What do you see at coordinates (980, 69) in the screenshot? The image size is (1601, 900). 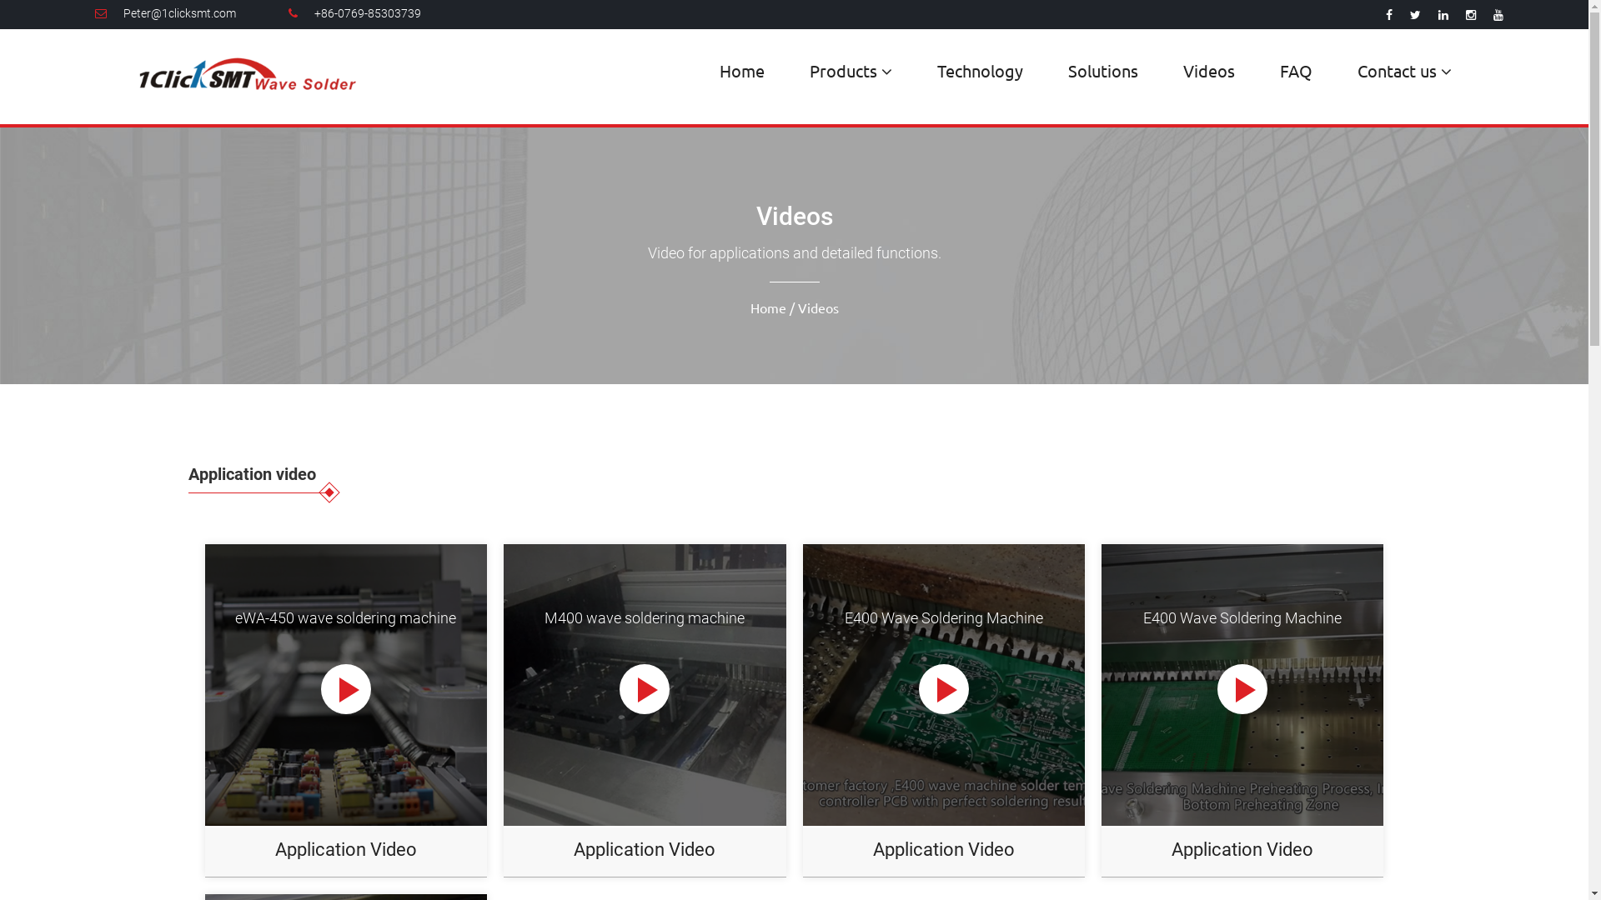 I see `'Technology'` at bounding box center [980, 69].